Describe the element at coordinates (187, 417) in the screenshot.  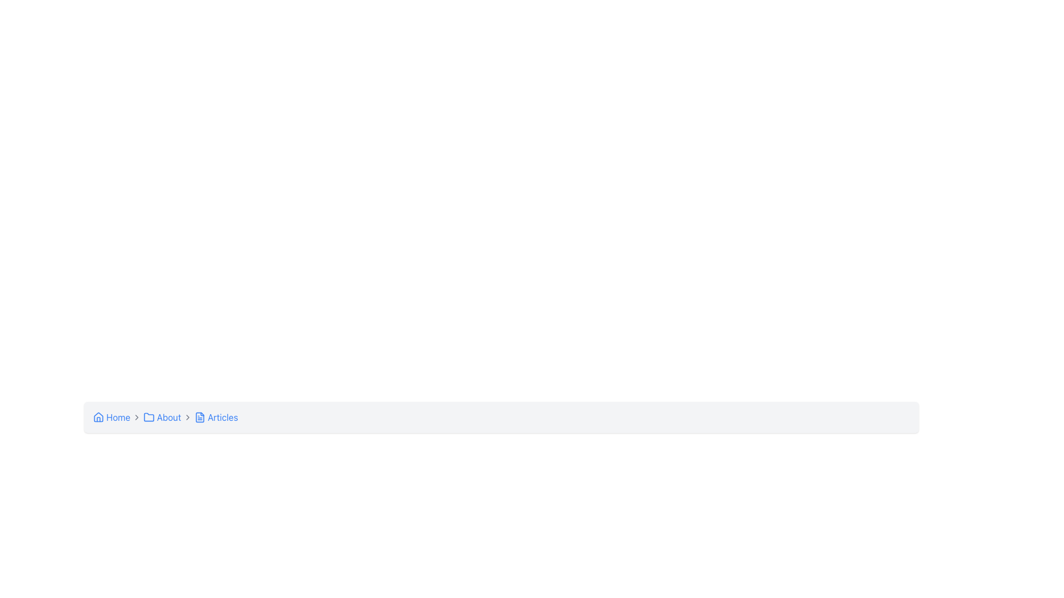
I see `the third chevron icon in the breadcrumb navigation bar, which separates the 'About' and 'Articles' links` at that location.